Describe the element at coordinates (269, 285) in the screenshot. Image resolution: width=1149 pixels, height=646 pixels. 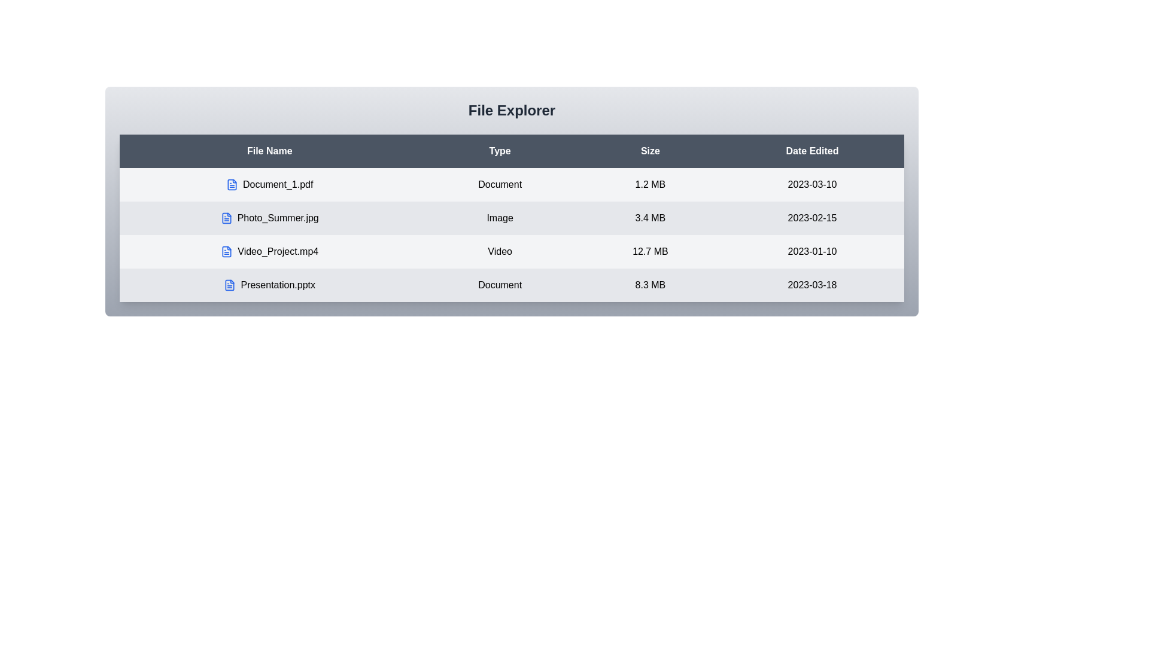
I see `the row corresponding to the file Presentation.pptx` at that location.